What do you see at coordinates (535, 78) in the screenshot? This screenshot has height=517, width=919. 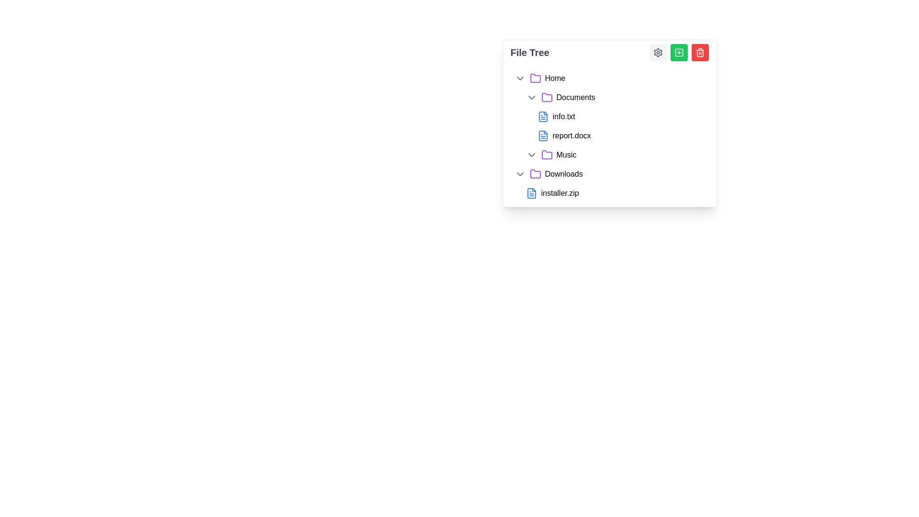 I see `the 'Home' folder icon located near the top-left corner of the file tree panel, directly to the left of the 'Home' label` at bounding box center [535, 78].